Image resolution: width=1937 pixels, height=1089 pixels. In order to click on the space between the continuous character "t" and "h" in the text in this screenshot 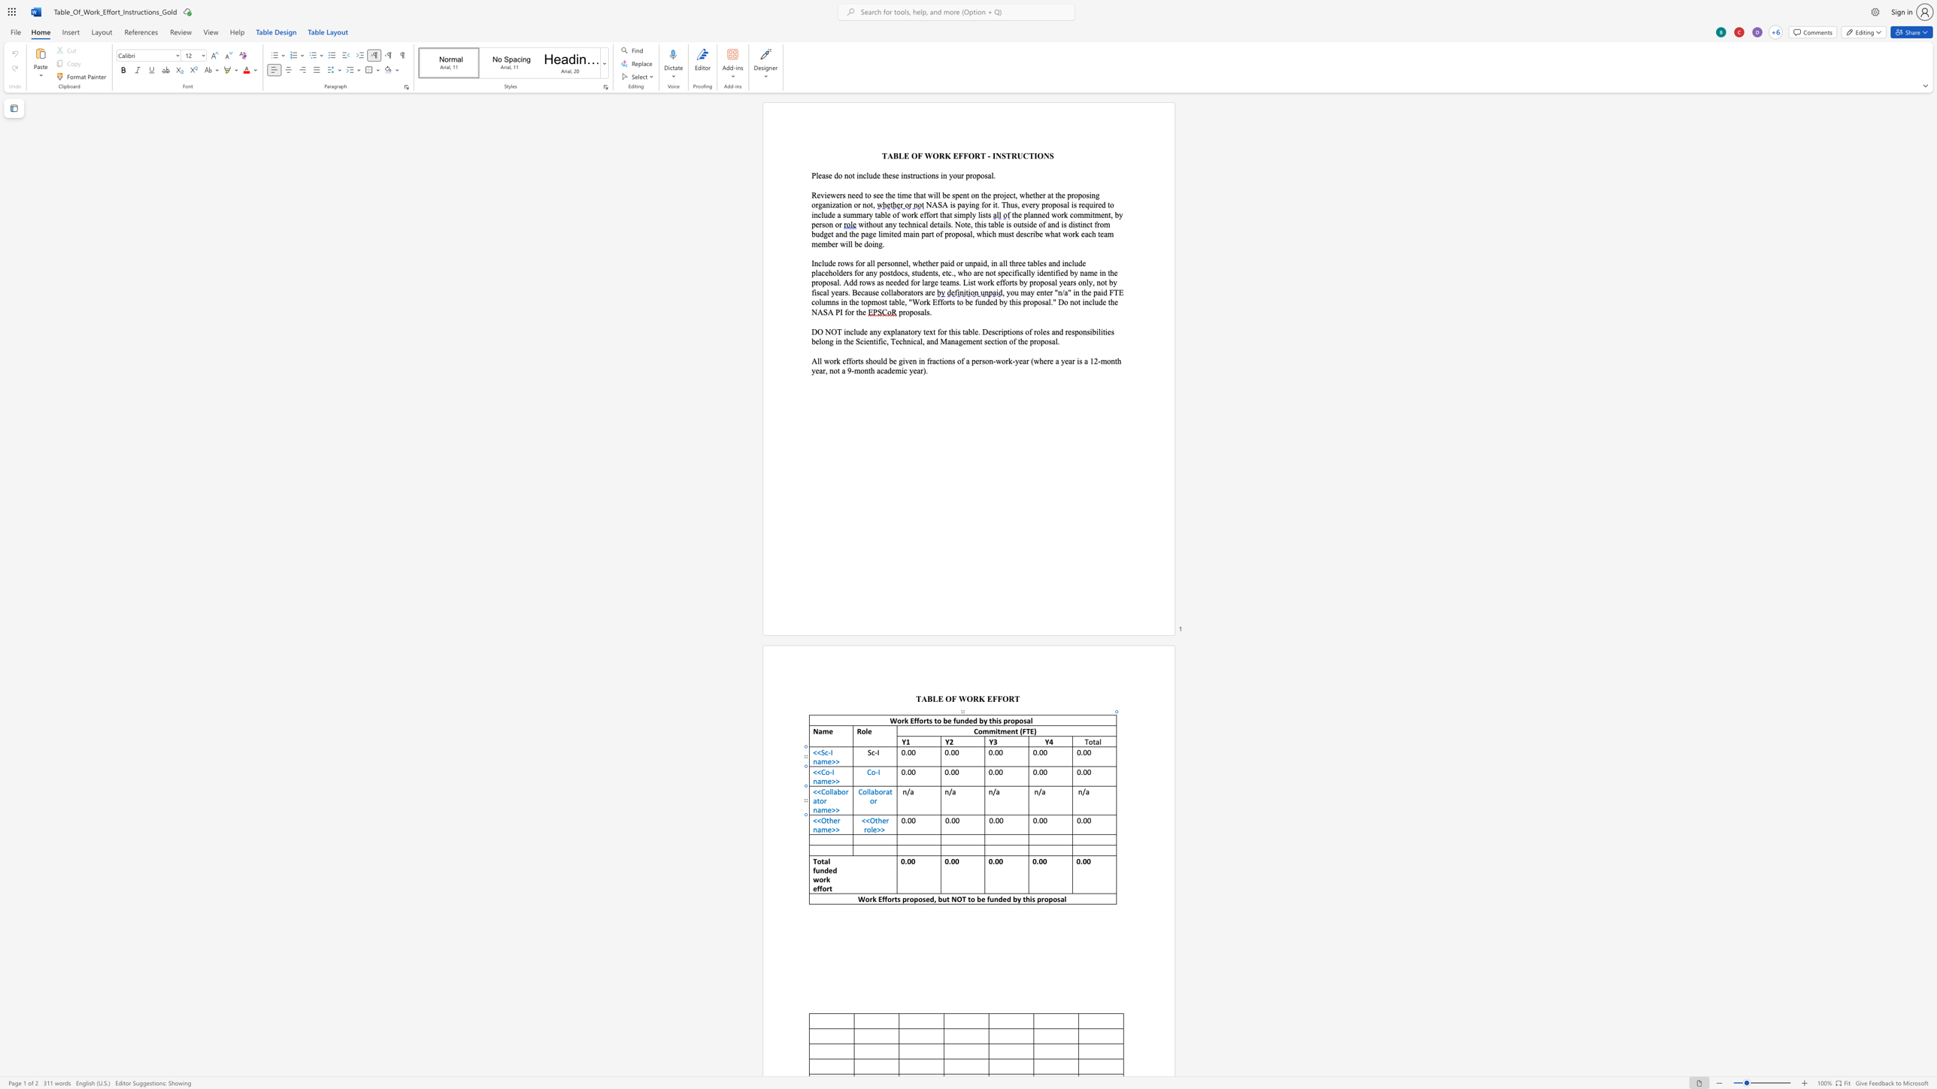, I will do `click(829, 820)`.